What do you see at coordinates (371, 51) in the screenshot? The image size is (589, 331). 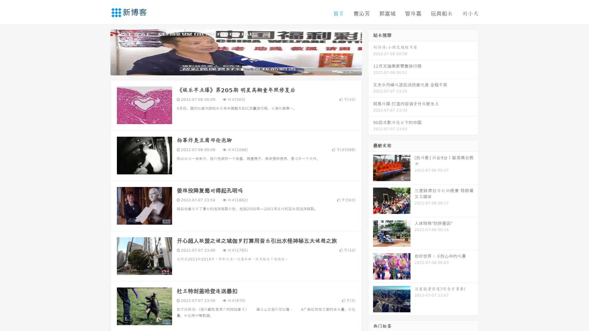 I see `Next slide` at bounding box center [371, 51].